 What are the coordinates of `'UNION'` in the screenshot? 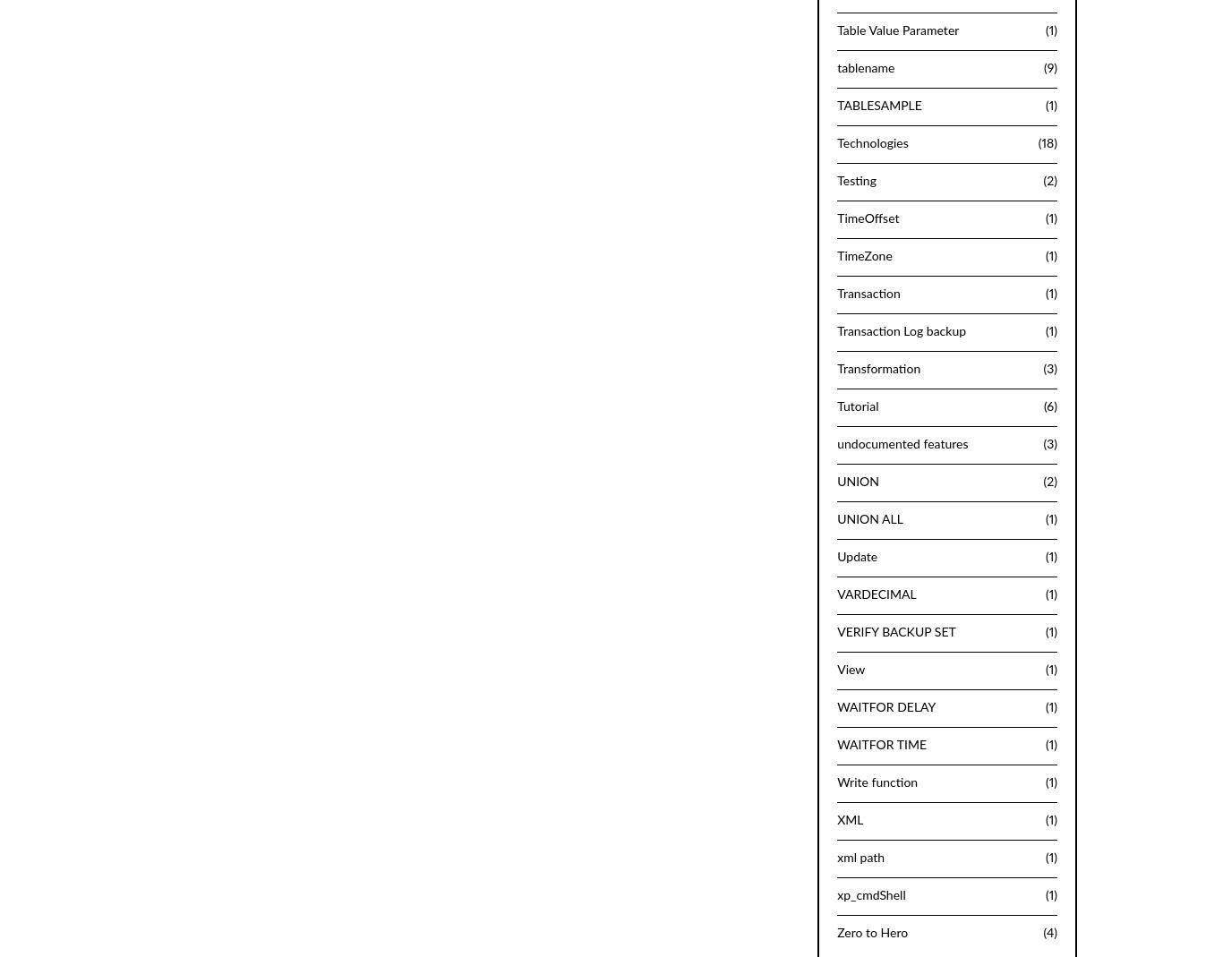 It's located at (837, 482).